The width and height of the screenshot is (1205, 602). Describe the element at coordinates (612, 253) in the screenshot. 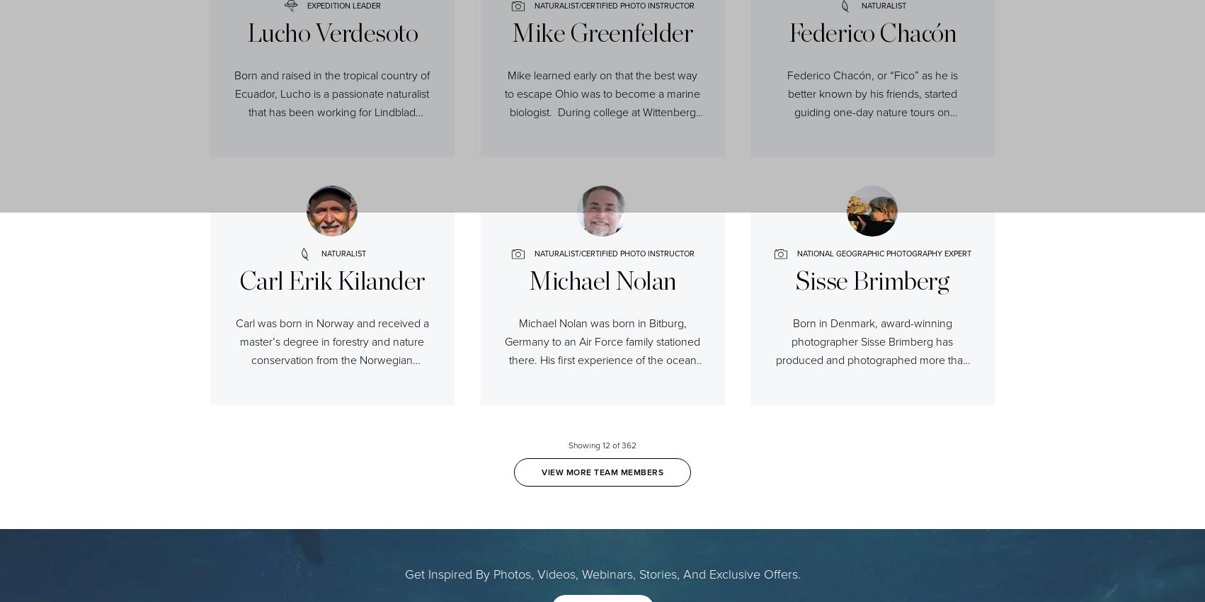

I see `'Naturalist/Certified Photo Instructor'` at that location.